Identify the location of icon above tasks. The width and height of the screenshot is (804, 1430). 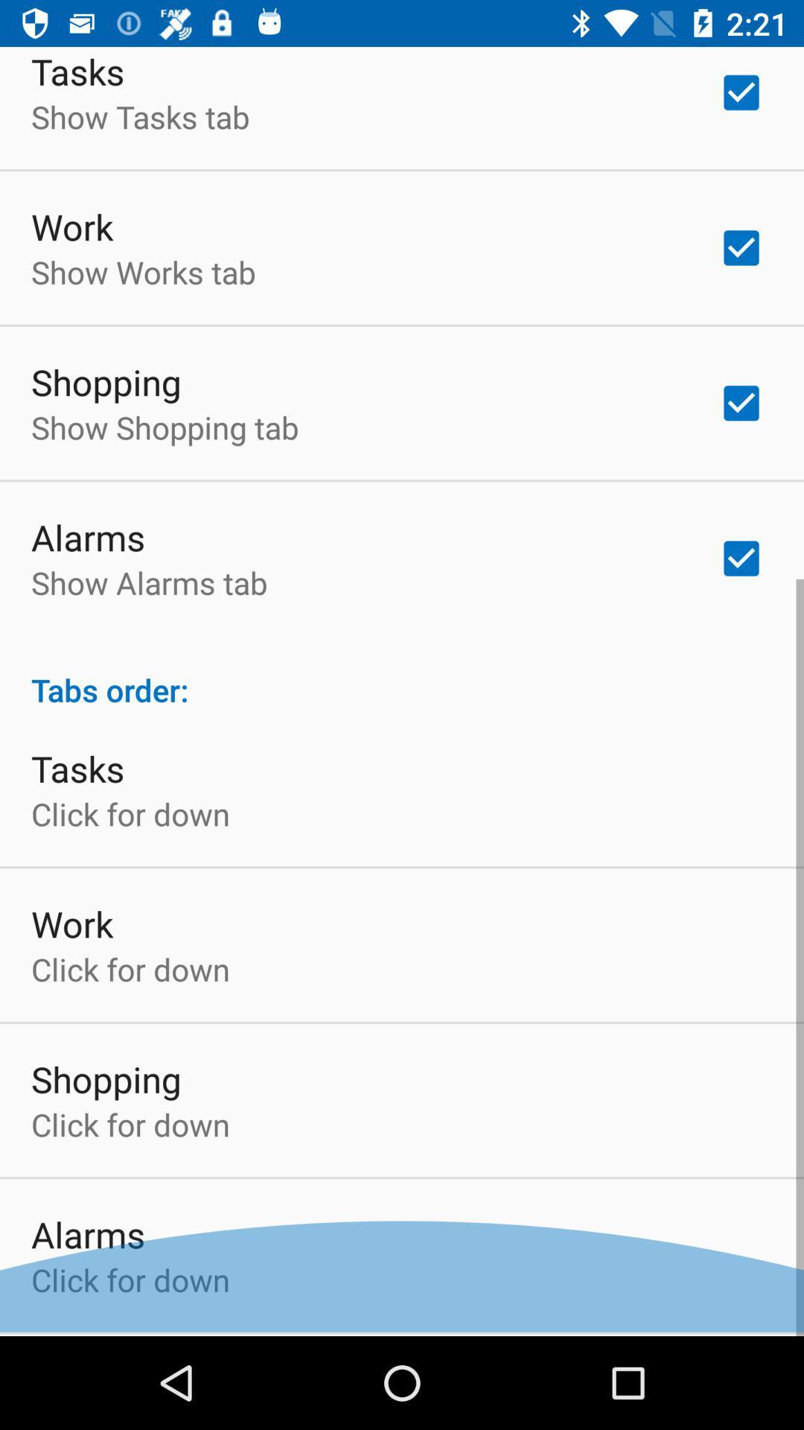
(402, 677).